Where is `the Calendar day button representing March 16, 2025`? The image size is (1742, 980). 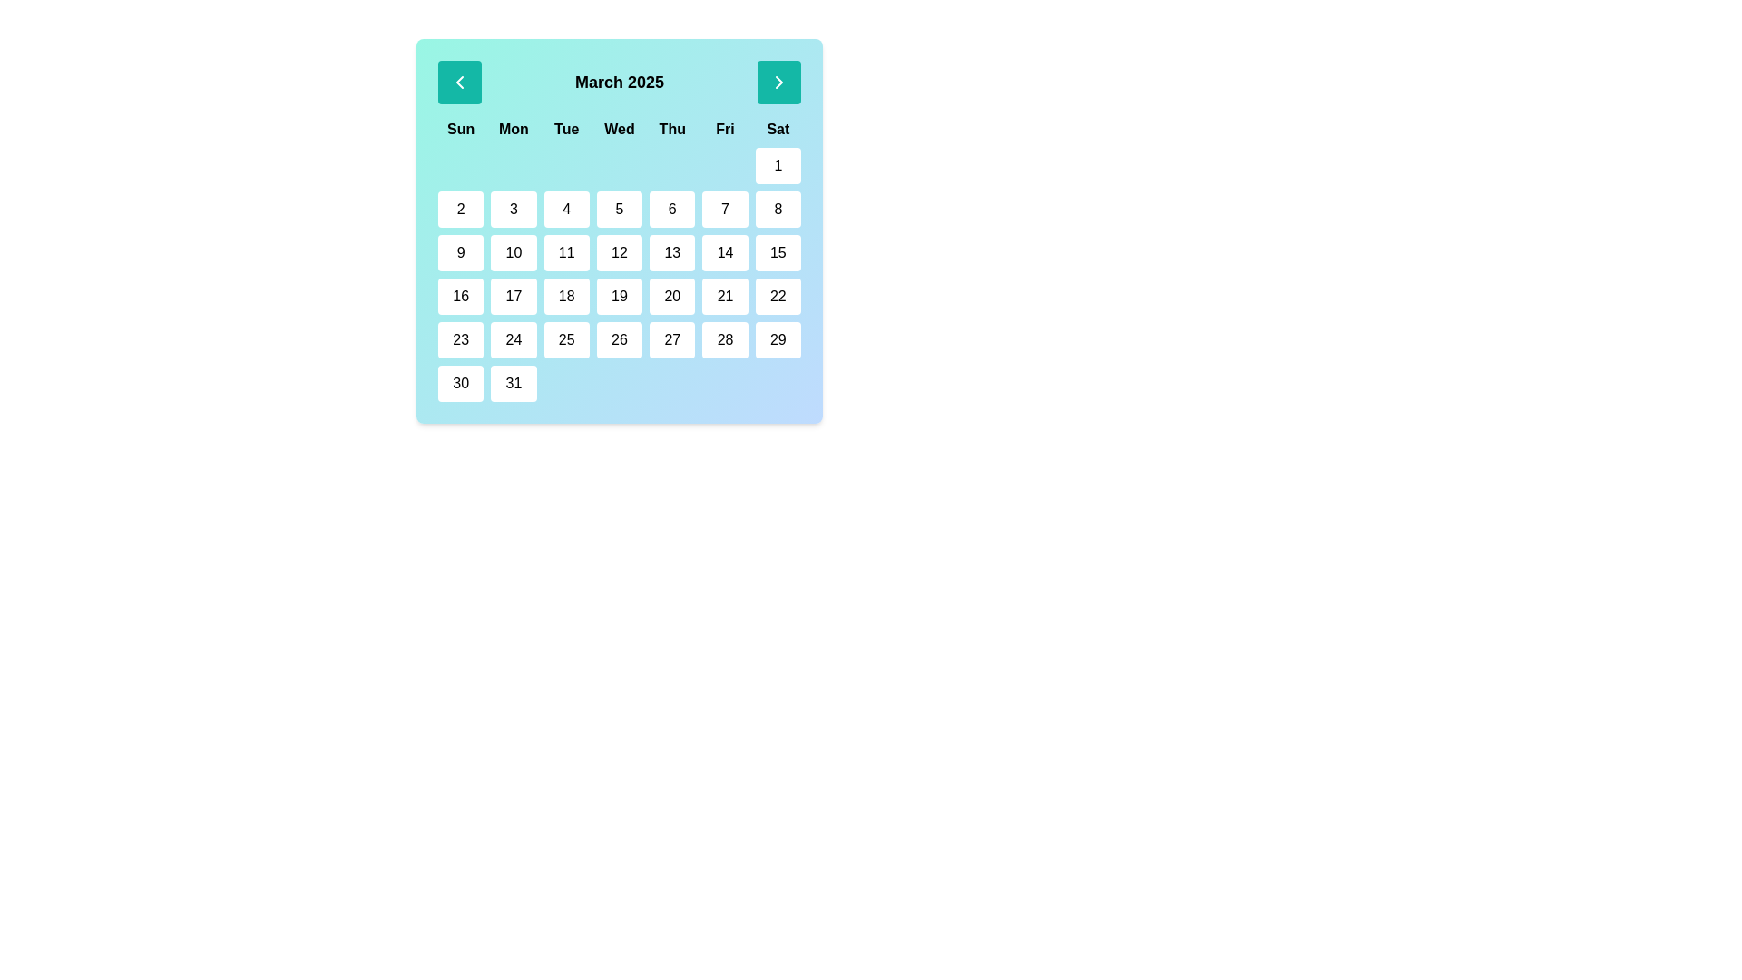 the Calendar day button representing March 16, 2025 is located at coordinates (461, 296).